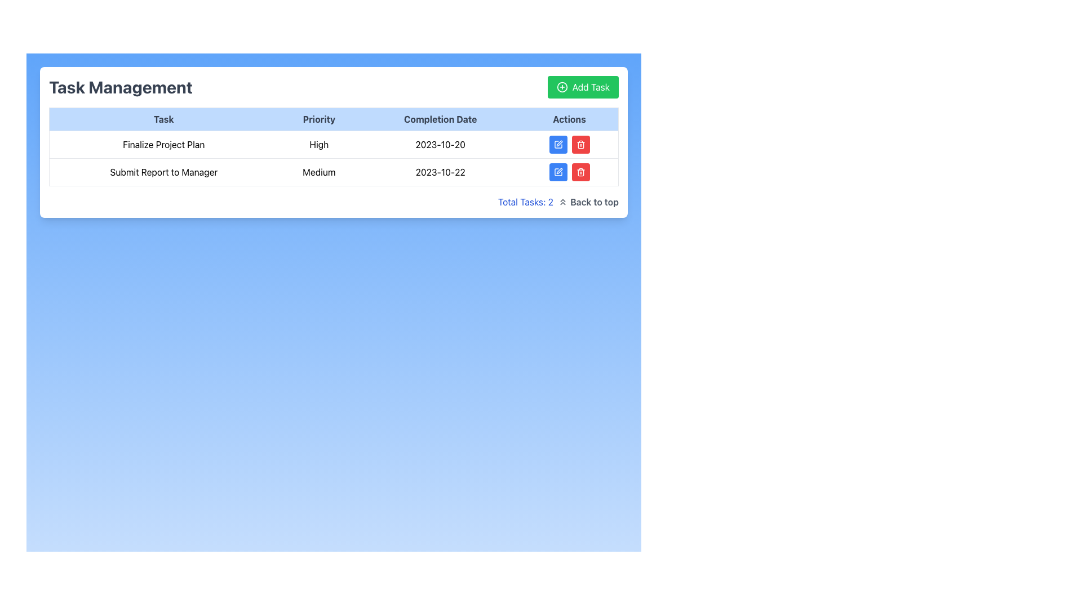 This screenshot has width=1082, height=608. What do you see at coordinates (569, 119) in the screenshot?
I see `the fourth column header in the table, which indicates actions related to the respective rows` at bounding box center [569, 119].